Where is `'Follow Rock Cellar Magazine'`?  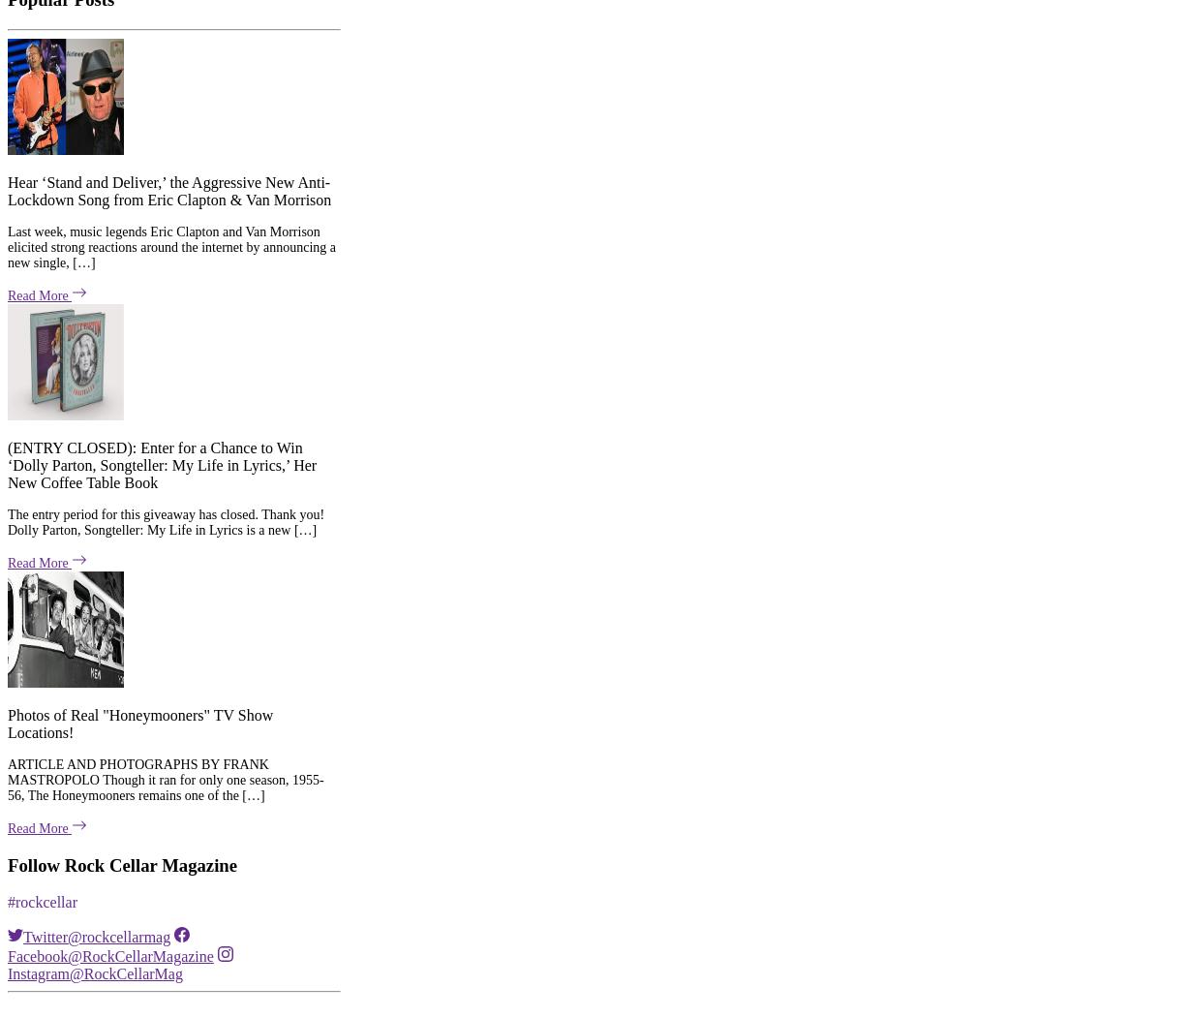
'Follow Rock Cellar Magazine' is located at coordinates (121, 573).